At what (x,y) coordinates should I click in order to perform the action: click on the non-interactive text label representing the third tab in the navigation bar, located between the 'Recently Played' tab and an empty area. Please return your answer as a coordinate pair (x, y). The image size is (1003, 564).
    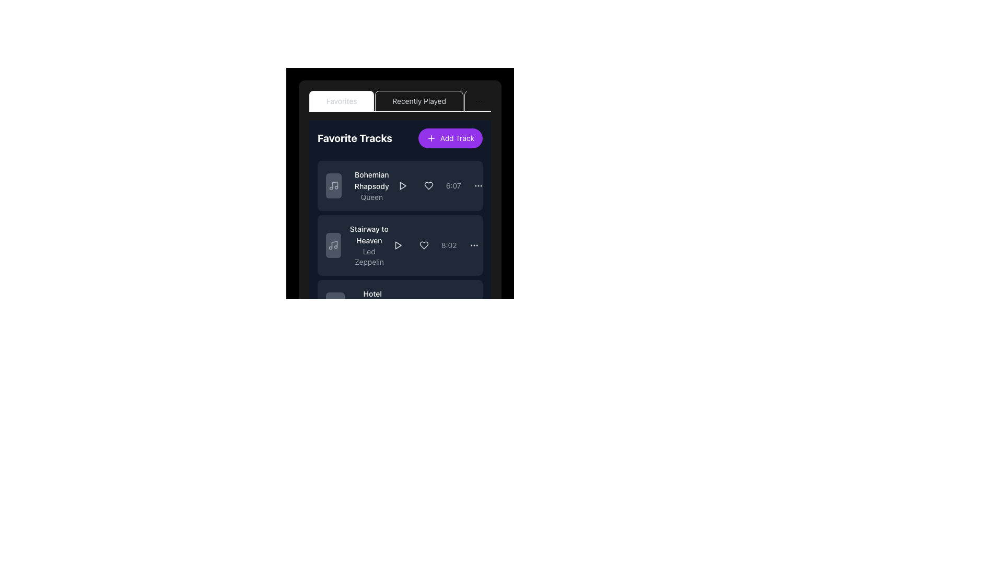
    Looking at the image, I should click on (509, 101).